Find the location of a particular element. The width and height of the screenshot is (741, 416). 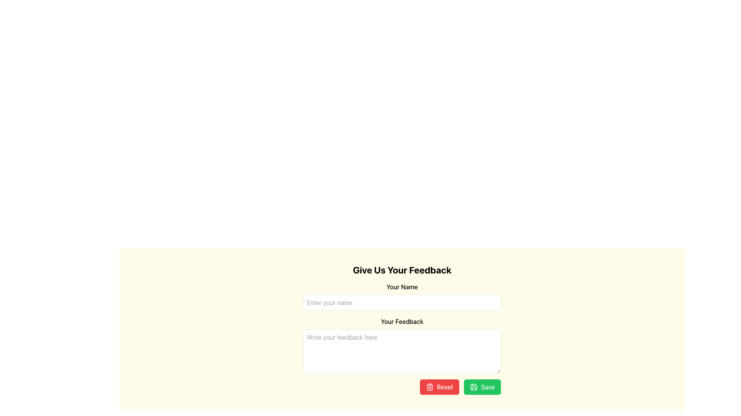

the 'Reset' button, which is part of a group of buttons labeled 'Reset' and 'Save', located in the bottom-right corner of the form, styled with a red background and white text is located at coordinates (401, 387).